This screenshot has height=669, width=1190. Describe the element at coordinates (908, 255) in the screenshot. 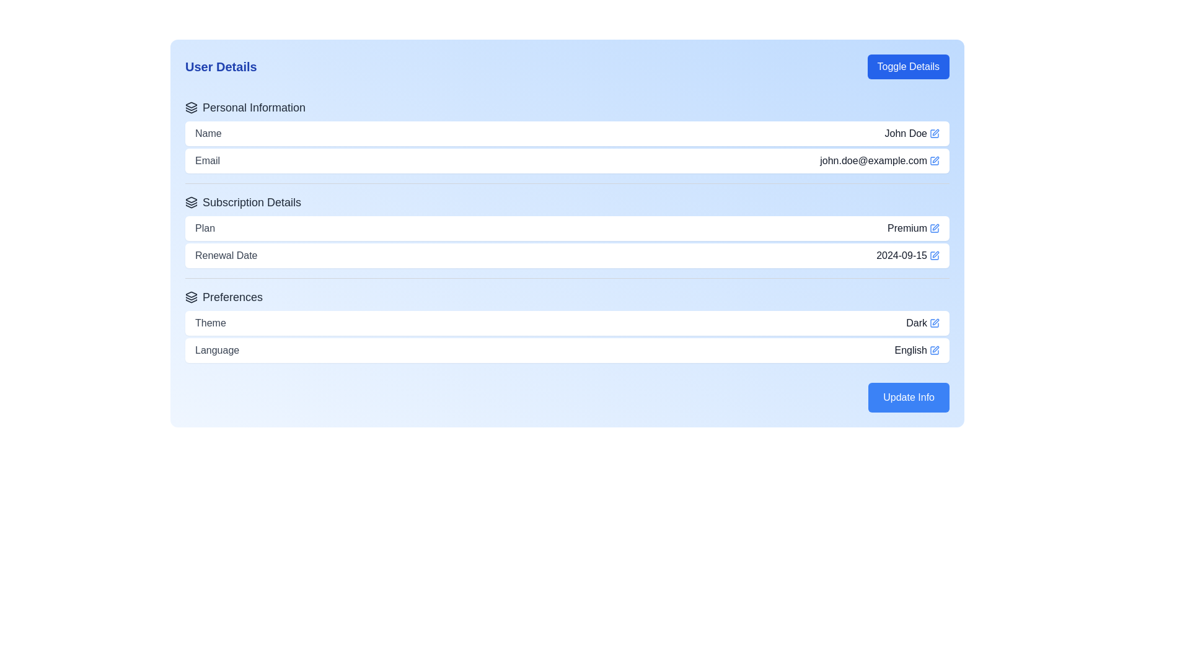

I see `the bold date text '2024-09-15' located in the 'Renewal Date' row of the 'Subscription Details' section` at that location.